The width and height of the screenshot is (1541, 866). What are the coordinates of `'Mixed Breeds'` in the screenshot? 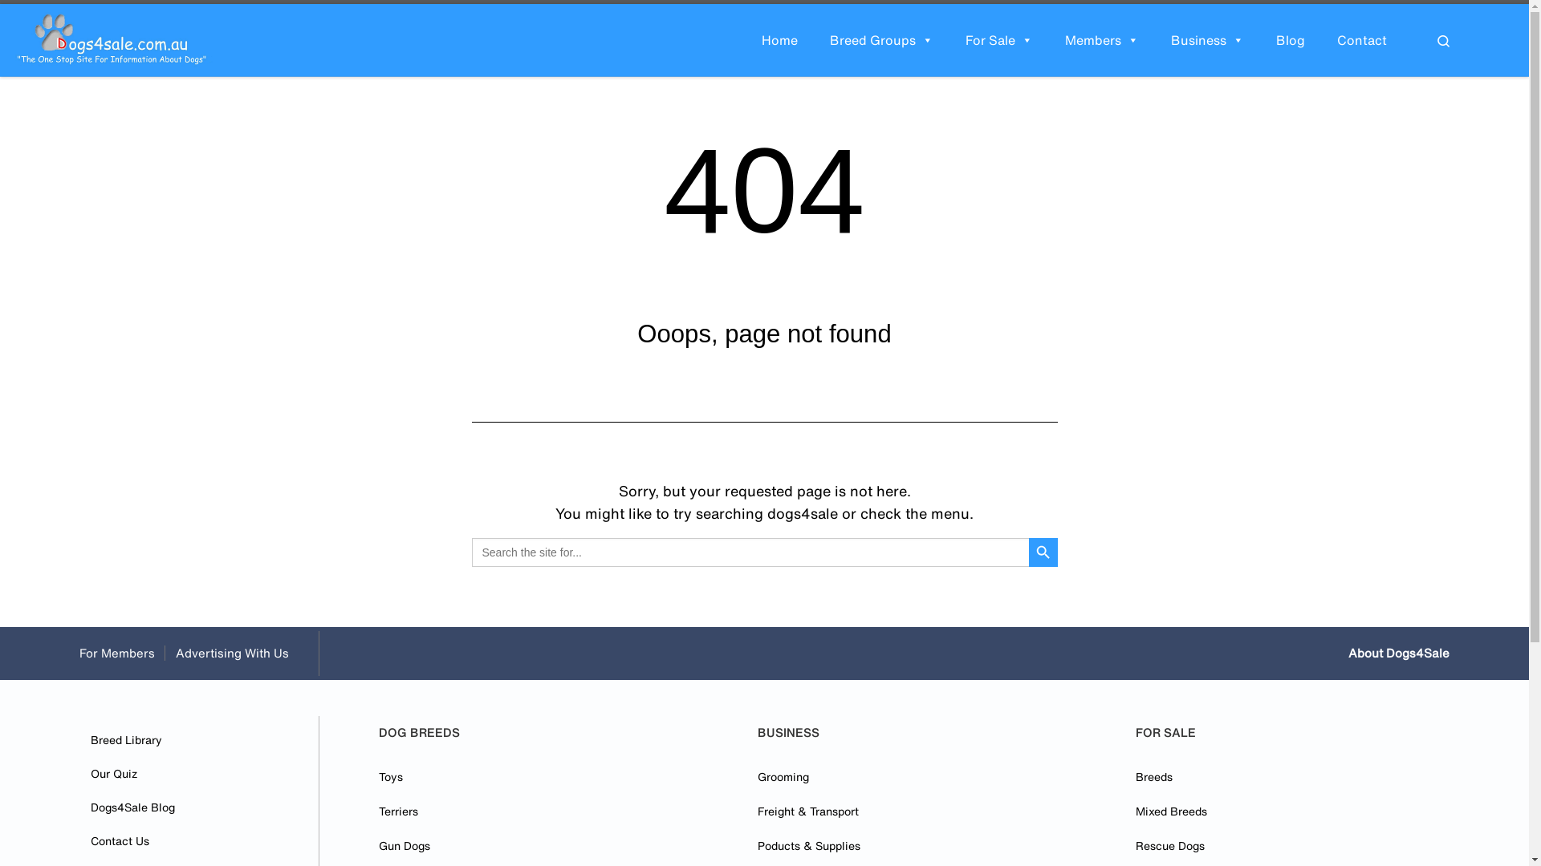 It's located at (1135, 811).